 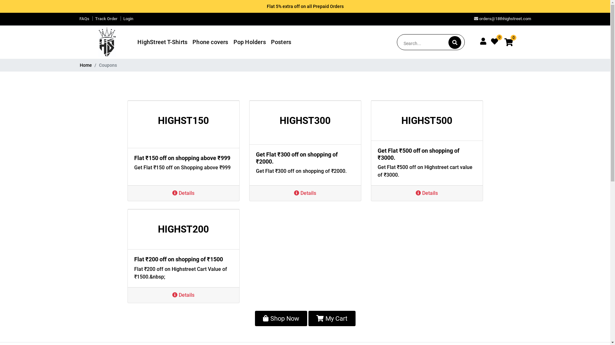 What do you see at coordinates (85, 65) in the screenshot?
I see `'Home'` at bounding box center [85, 65].